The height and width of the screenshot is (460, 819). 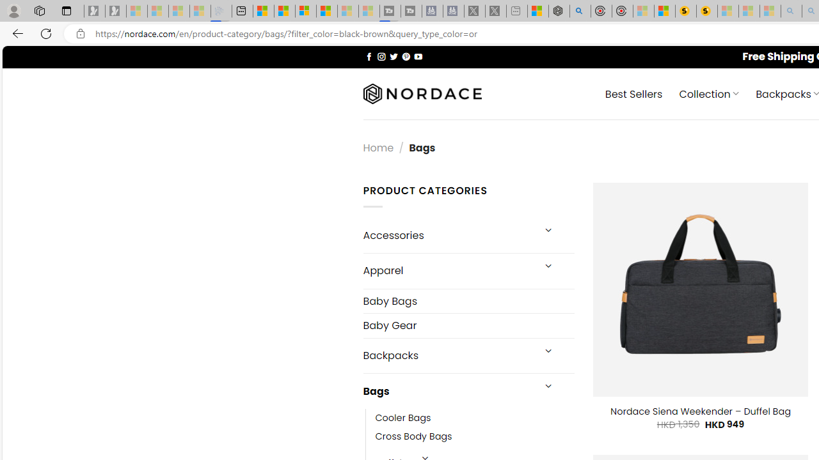 What do you see at coordinates (116, 11) in the screenshot?
I see `'Newsletter Sign Up - Sleeping'` at bounding box center [116, 11].